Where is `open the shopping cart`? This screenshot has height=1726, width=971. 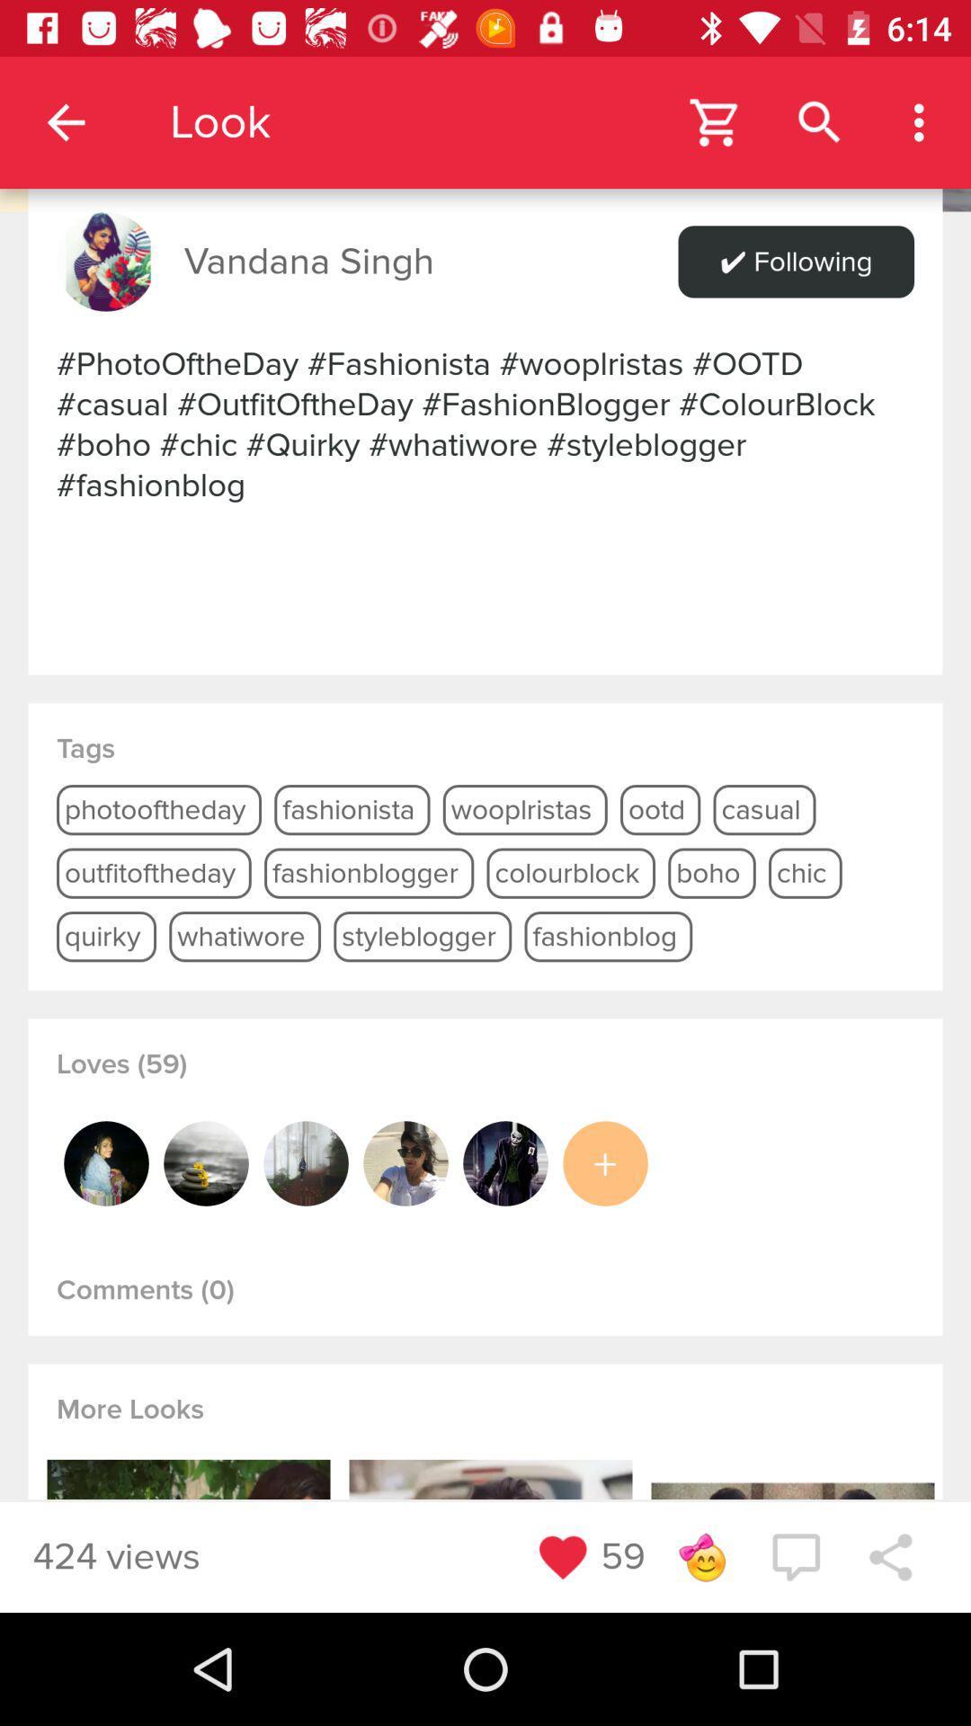
open the shopping cart is located at coordinates (715, 121).